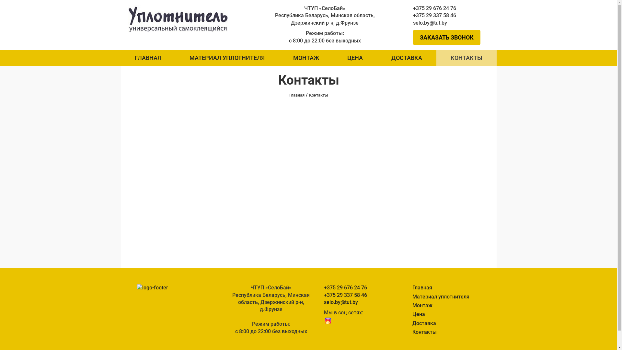 The height and width of the screenshot is (350, 622). I want to click on '+375 29 337 58 46', so click(324, 295).